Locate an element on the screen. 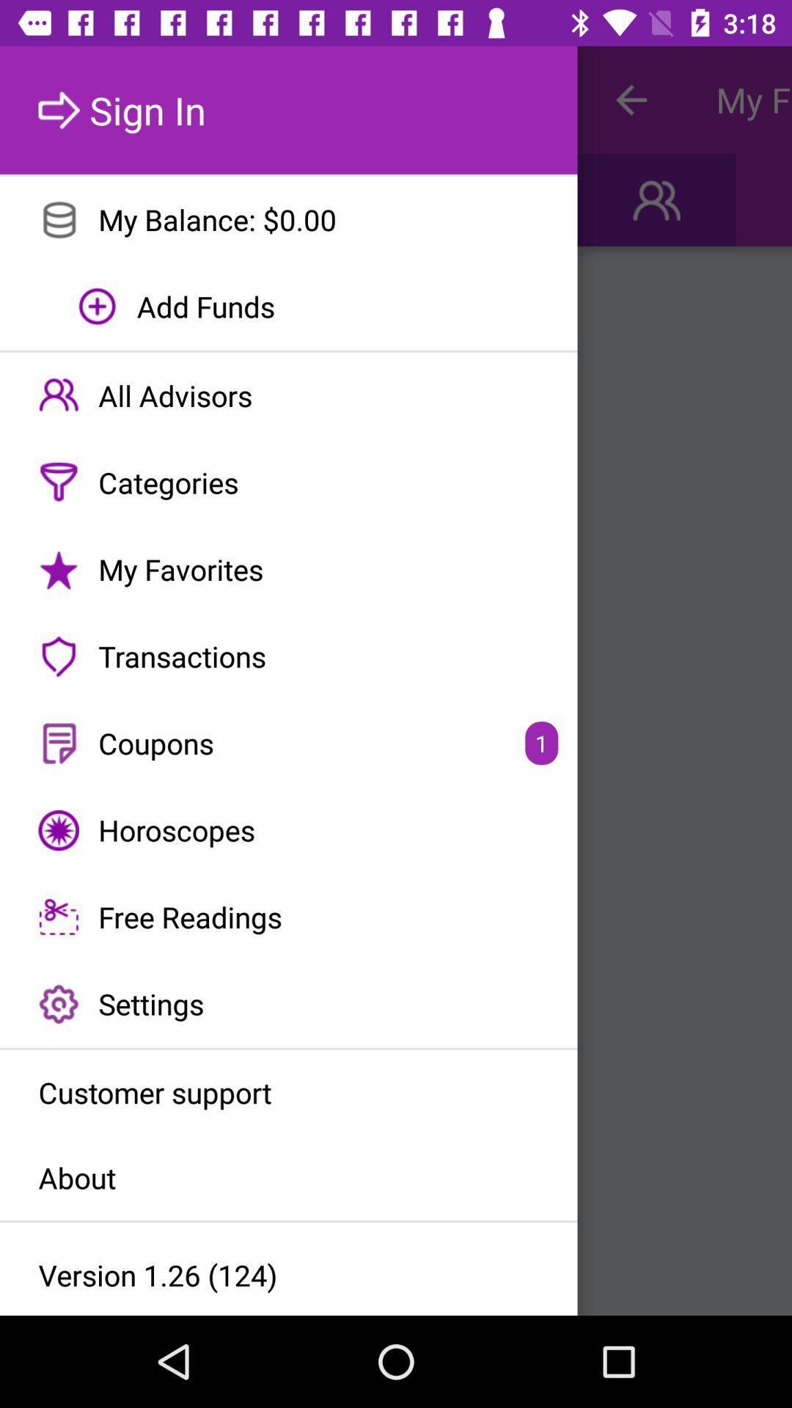  categories is located at coordinates (288, 483).